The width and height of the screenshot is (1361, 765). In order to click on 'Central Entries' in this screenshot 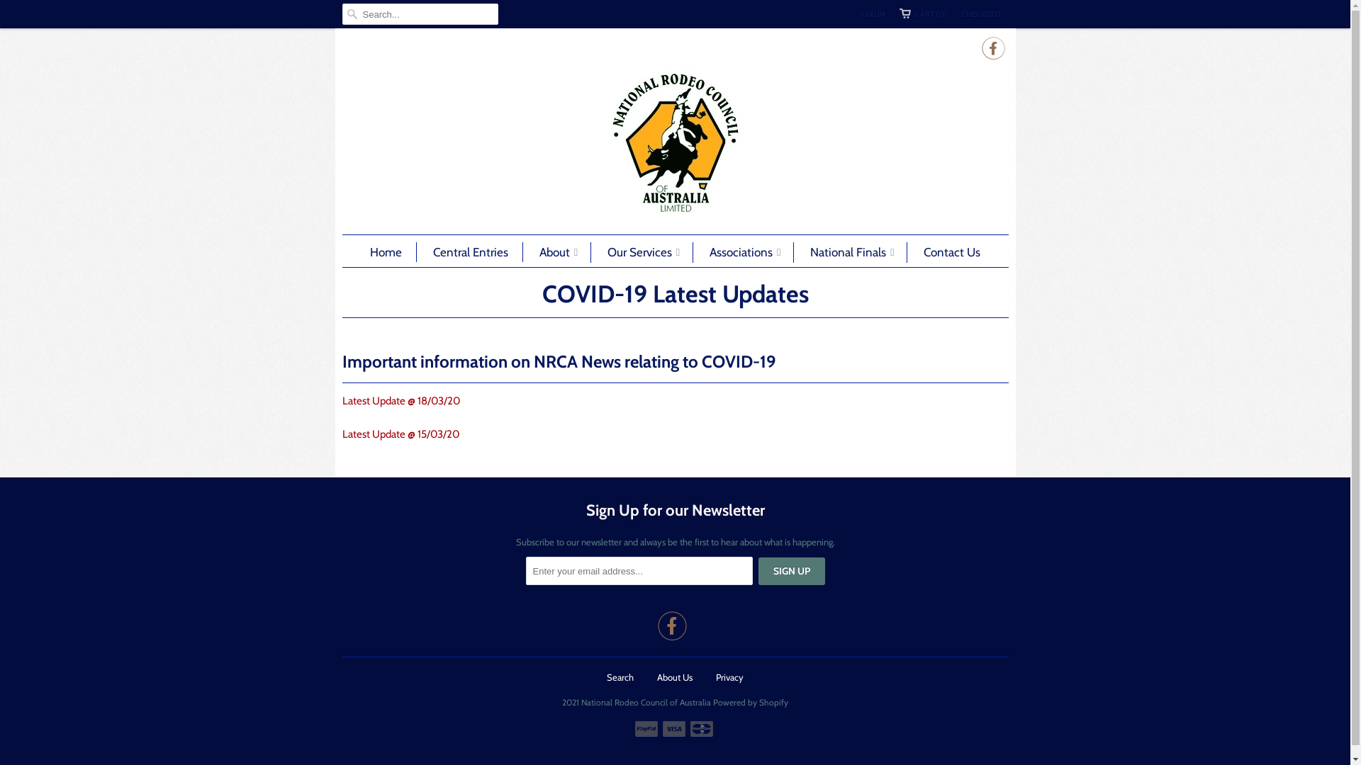, I will do `click(470, 251)`.